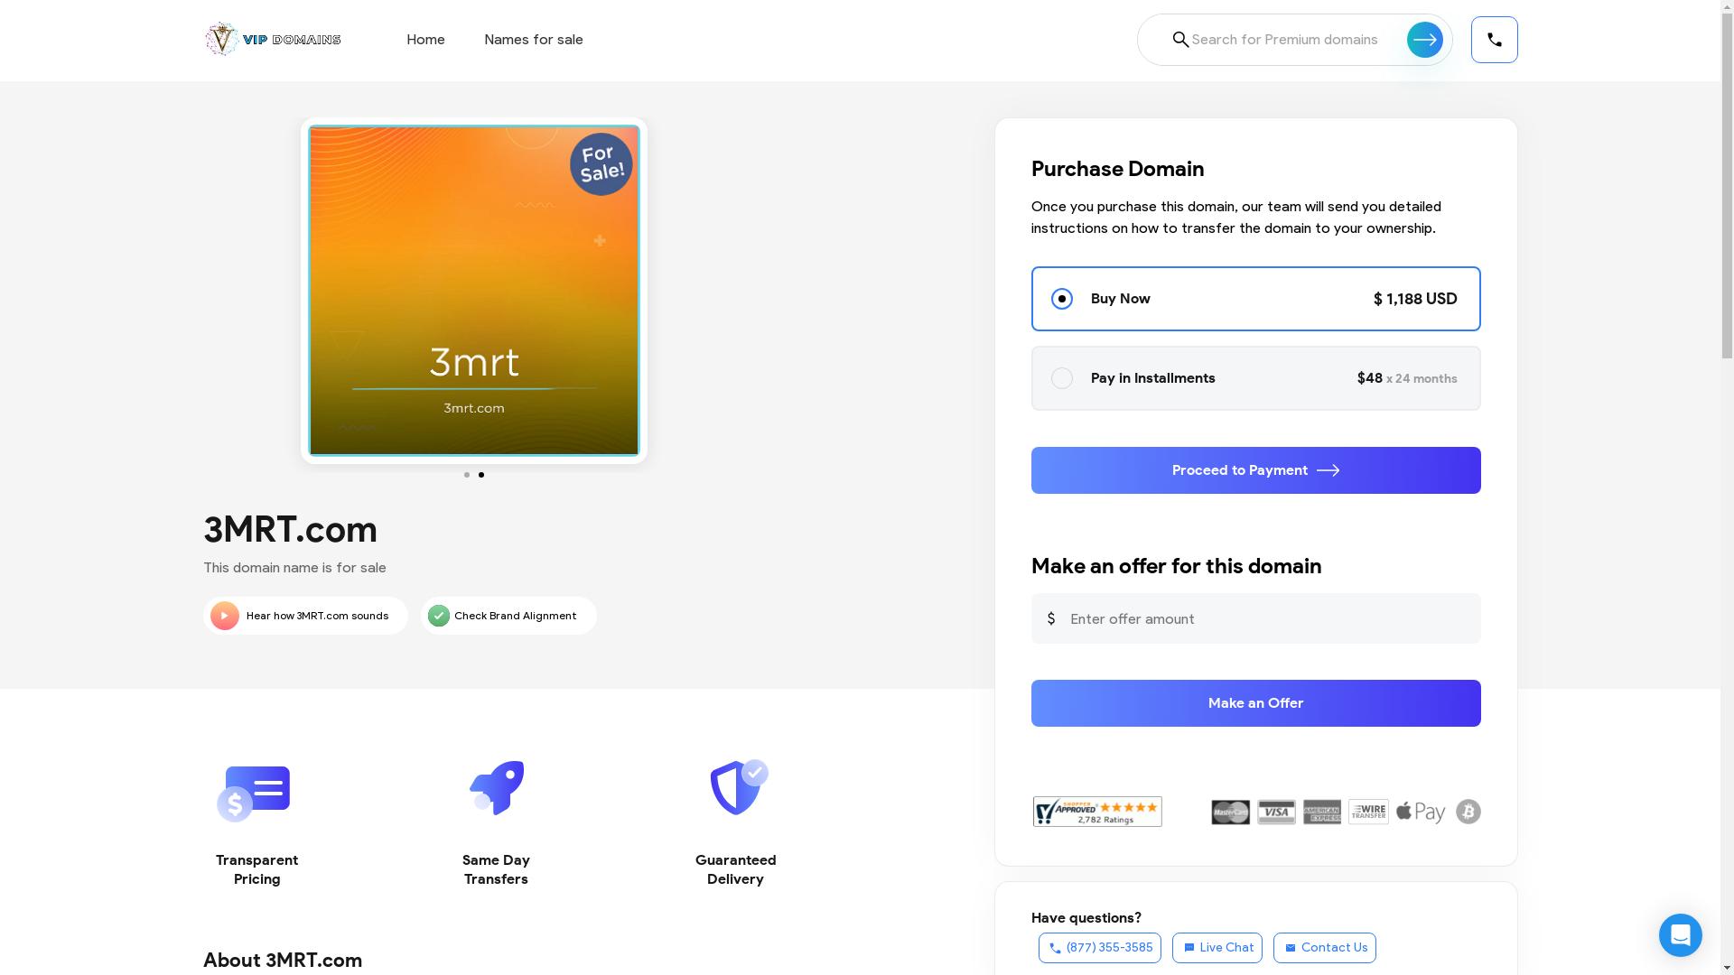 The image size is (1734, 975). What do you see at coordinates (1255, 469) in the screenshot?
I see `'Proceed to Payment'` at bounding box center [1255, 469].